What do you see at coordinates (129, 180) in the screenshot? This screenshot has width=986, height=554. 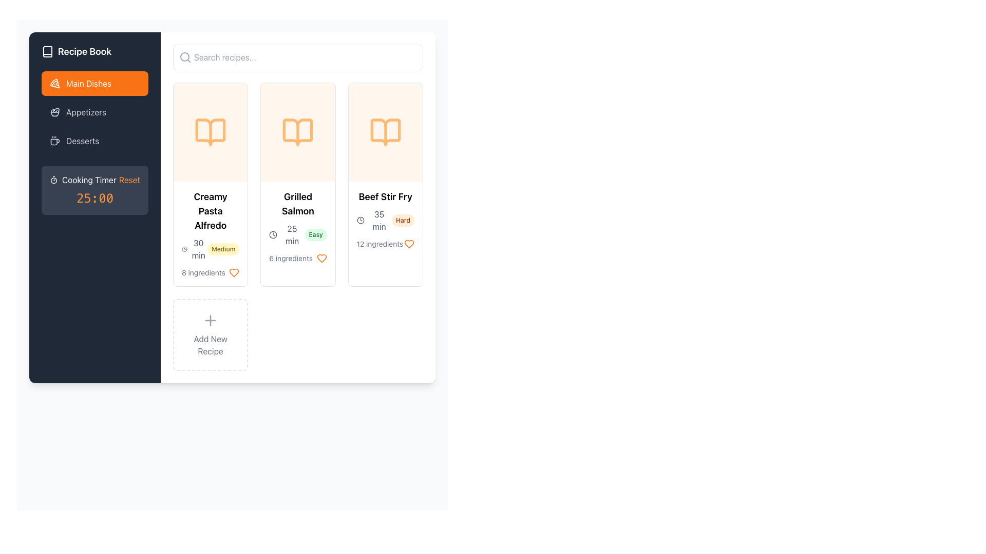 I see `the orange 'Reset' button located in the 'Cooking Timer' panel to reset the timer` at bounding box center [129, 180].